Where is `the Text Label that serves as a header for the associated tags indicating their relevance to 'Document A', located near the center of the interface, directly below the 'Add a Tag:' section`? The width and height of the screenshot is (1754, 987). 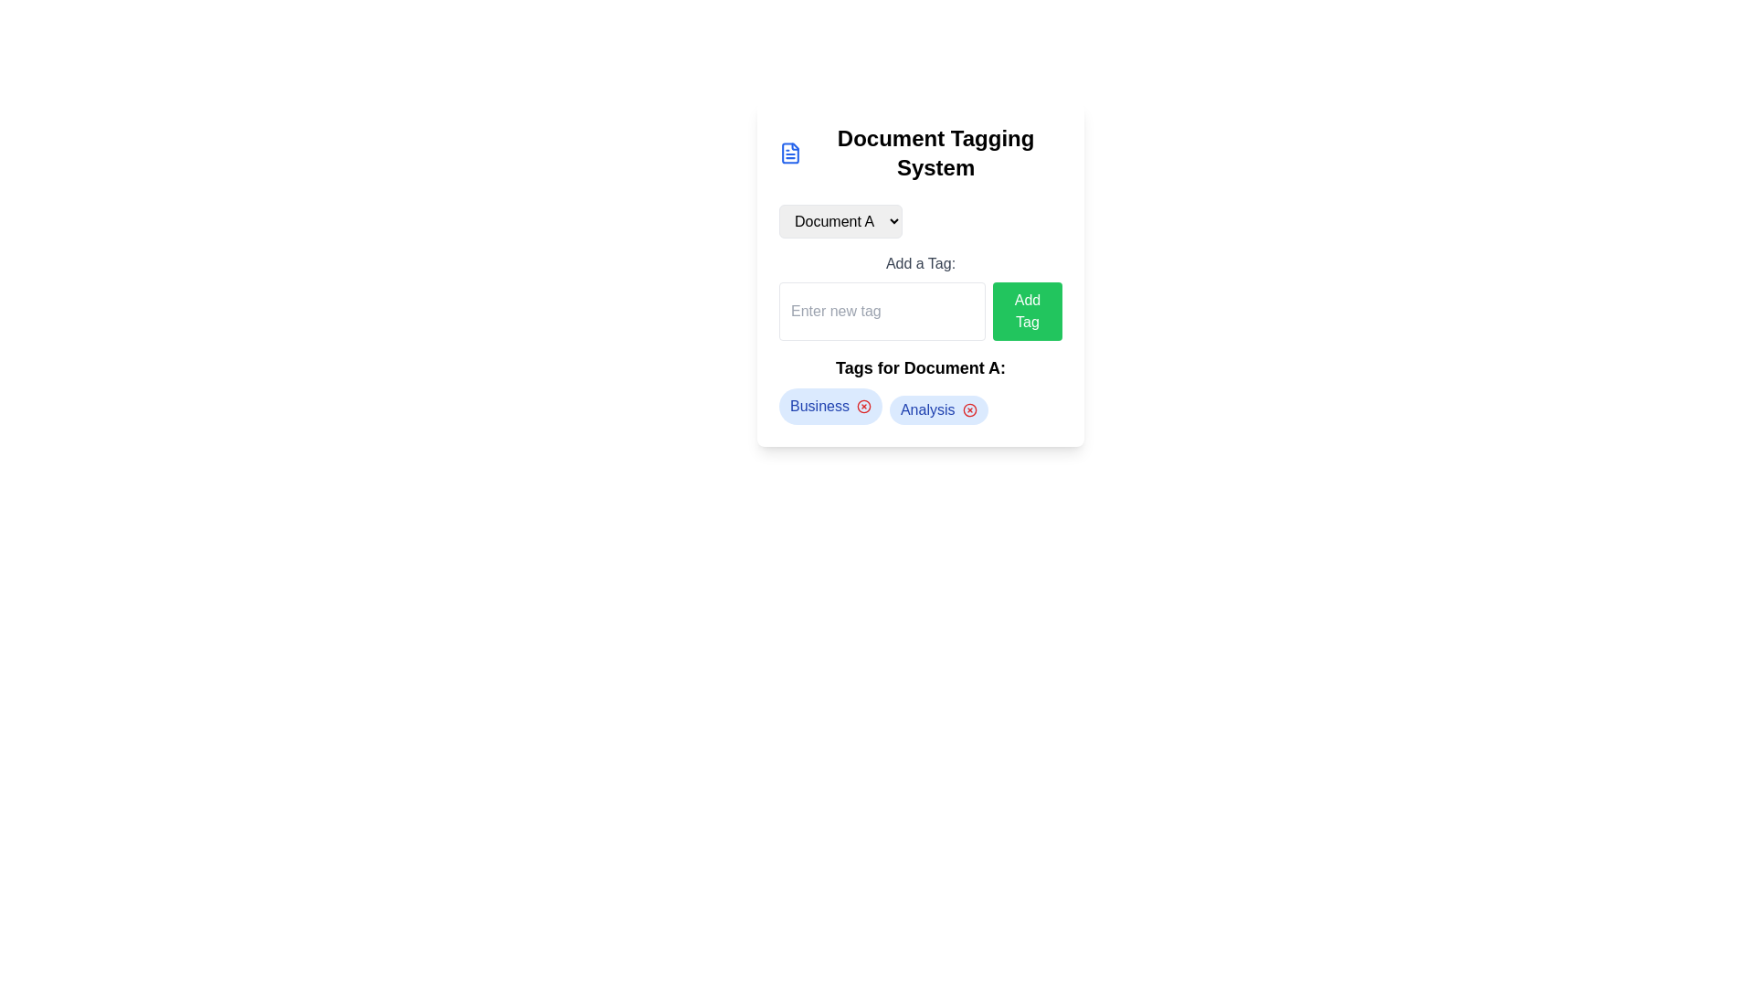 the Text Label that serves as a header for the associated tags indicating their relevance to 'Document A', located near the center of the interface, directly below the 'Add a Tag:' section is located at coordinates (921, 367).